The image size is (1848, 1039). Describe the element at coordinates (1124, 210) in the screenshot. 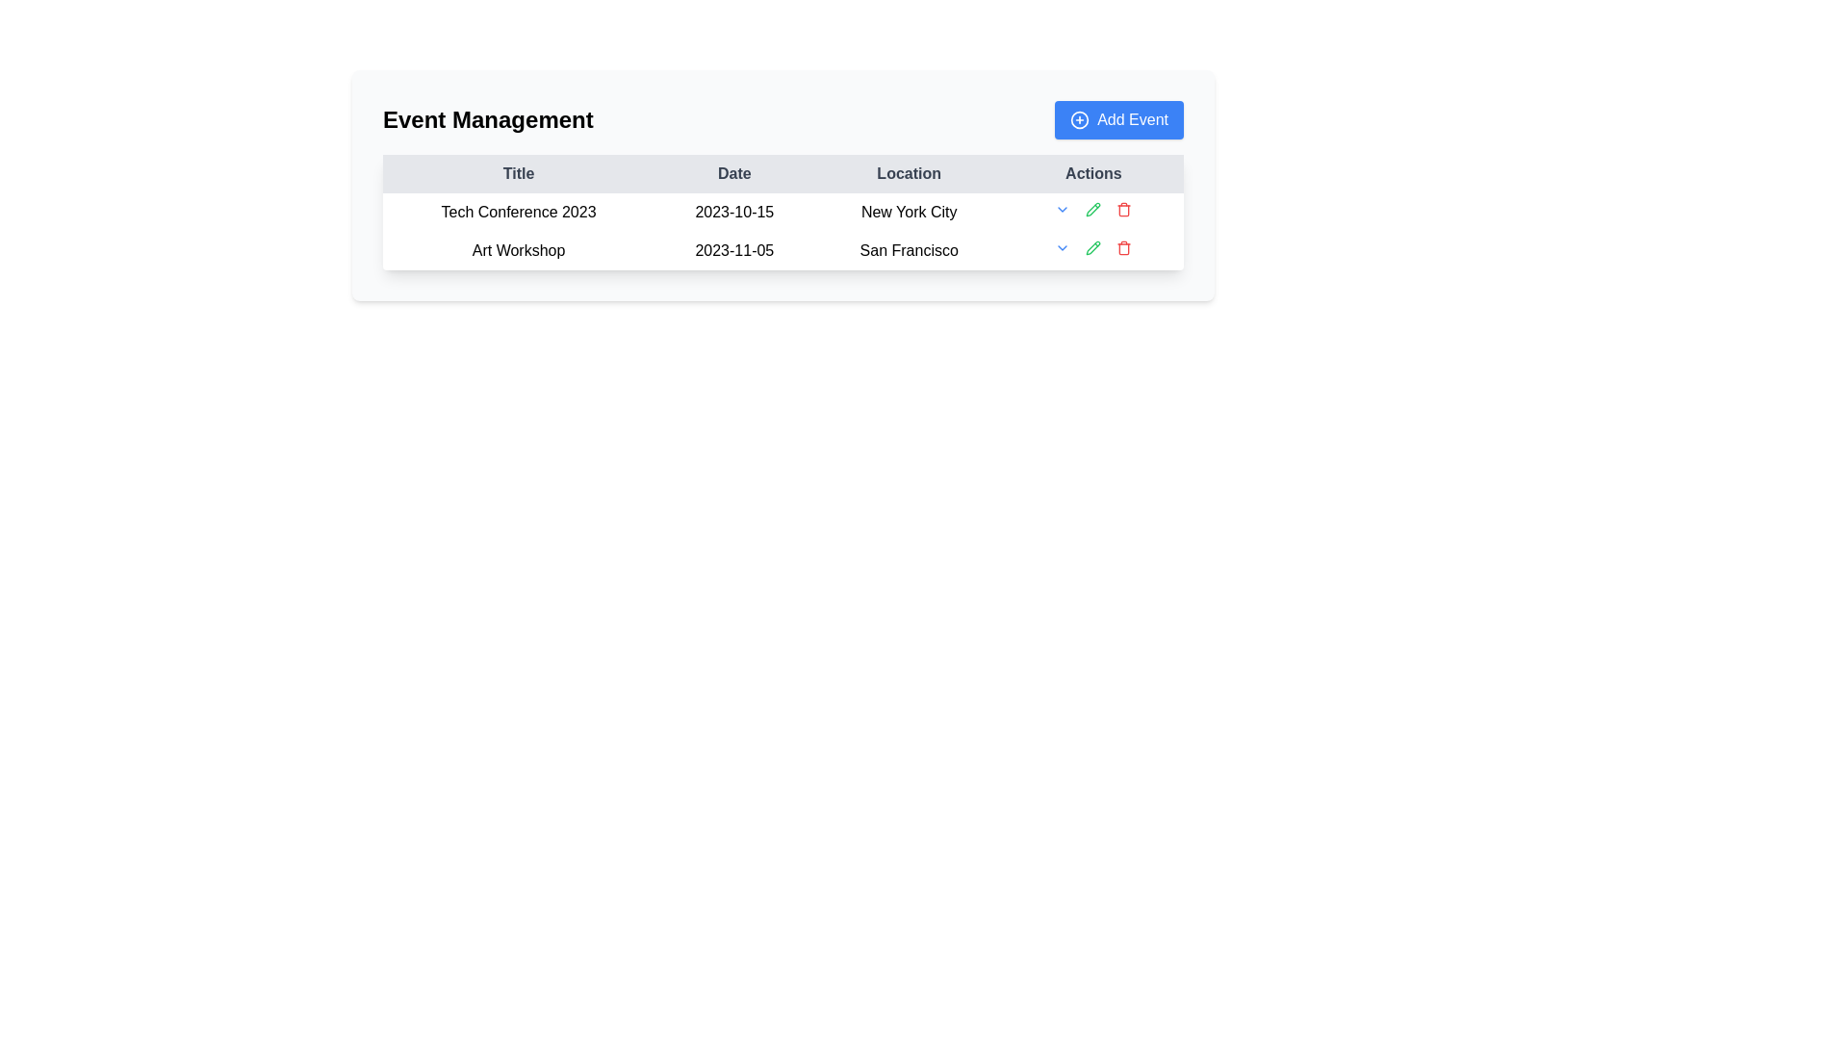

I see `the red trash can icon button in the 'Actions' column of the first row to initiate the delete action` at that location.